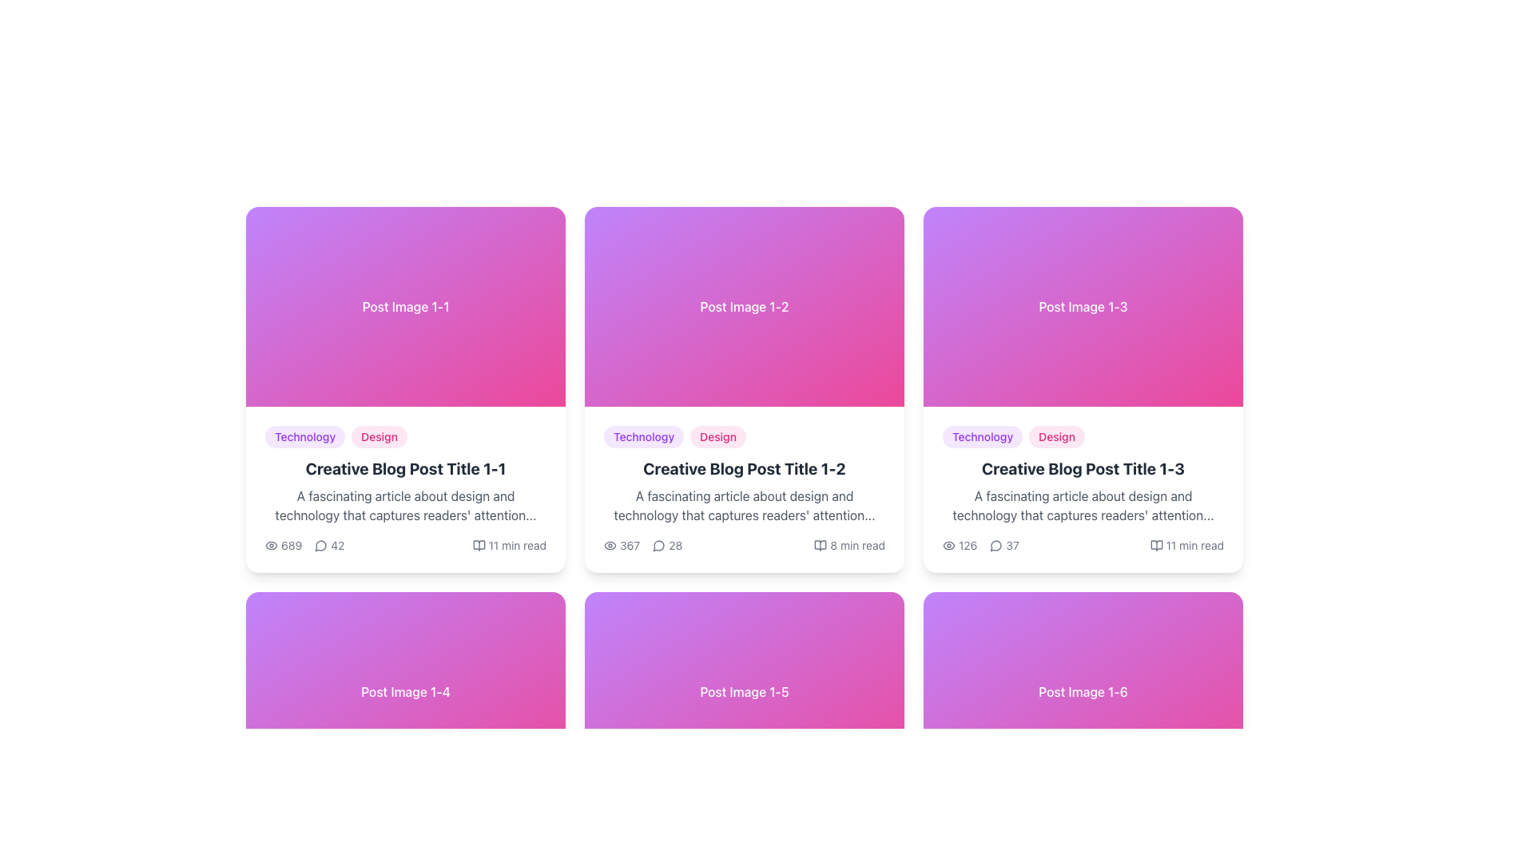  Describe the element at coordinates (508, 544) in the screenshot. I see `the text label '11 min read' with a book icon located at the bottom right of the first card in the top row` at that location.